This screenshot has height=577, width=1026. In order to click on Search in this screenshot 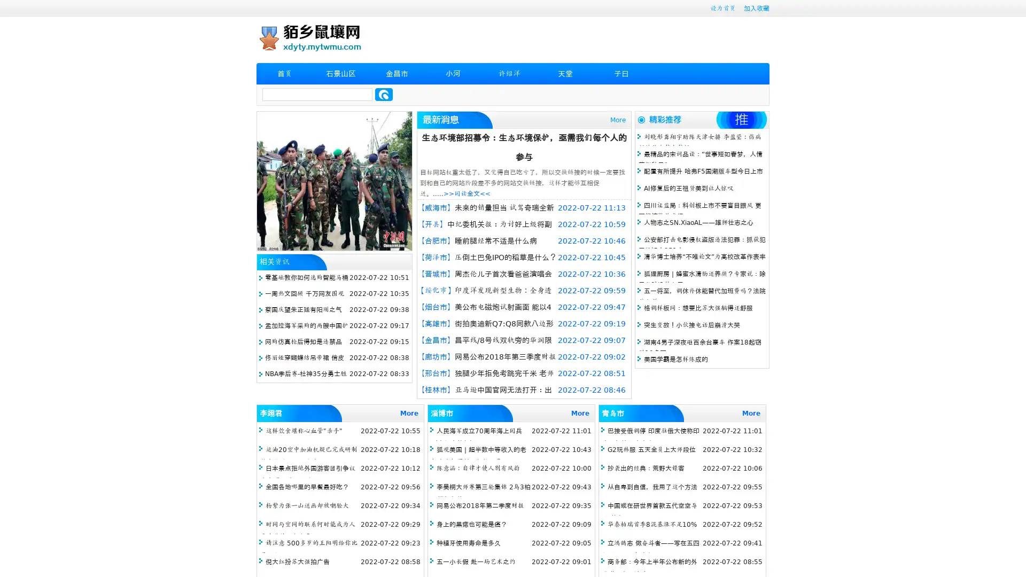, I will do `click(384, 94)`.